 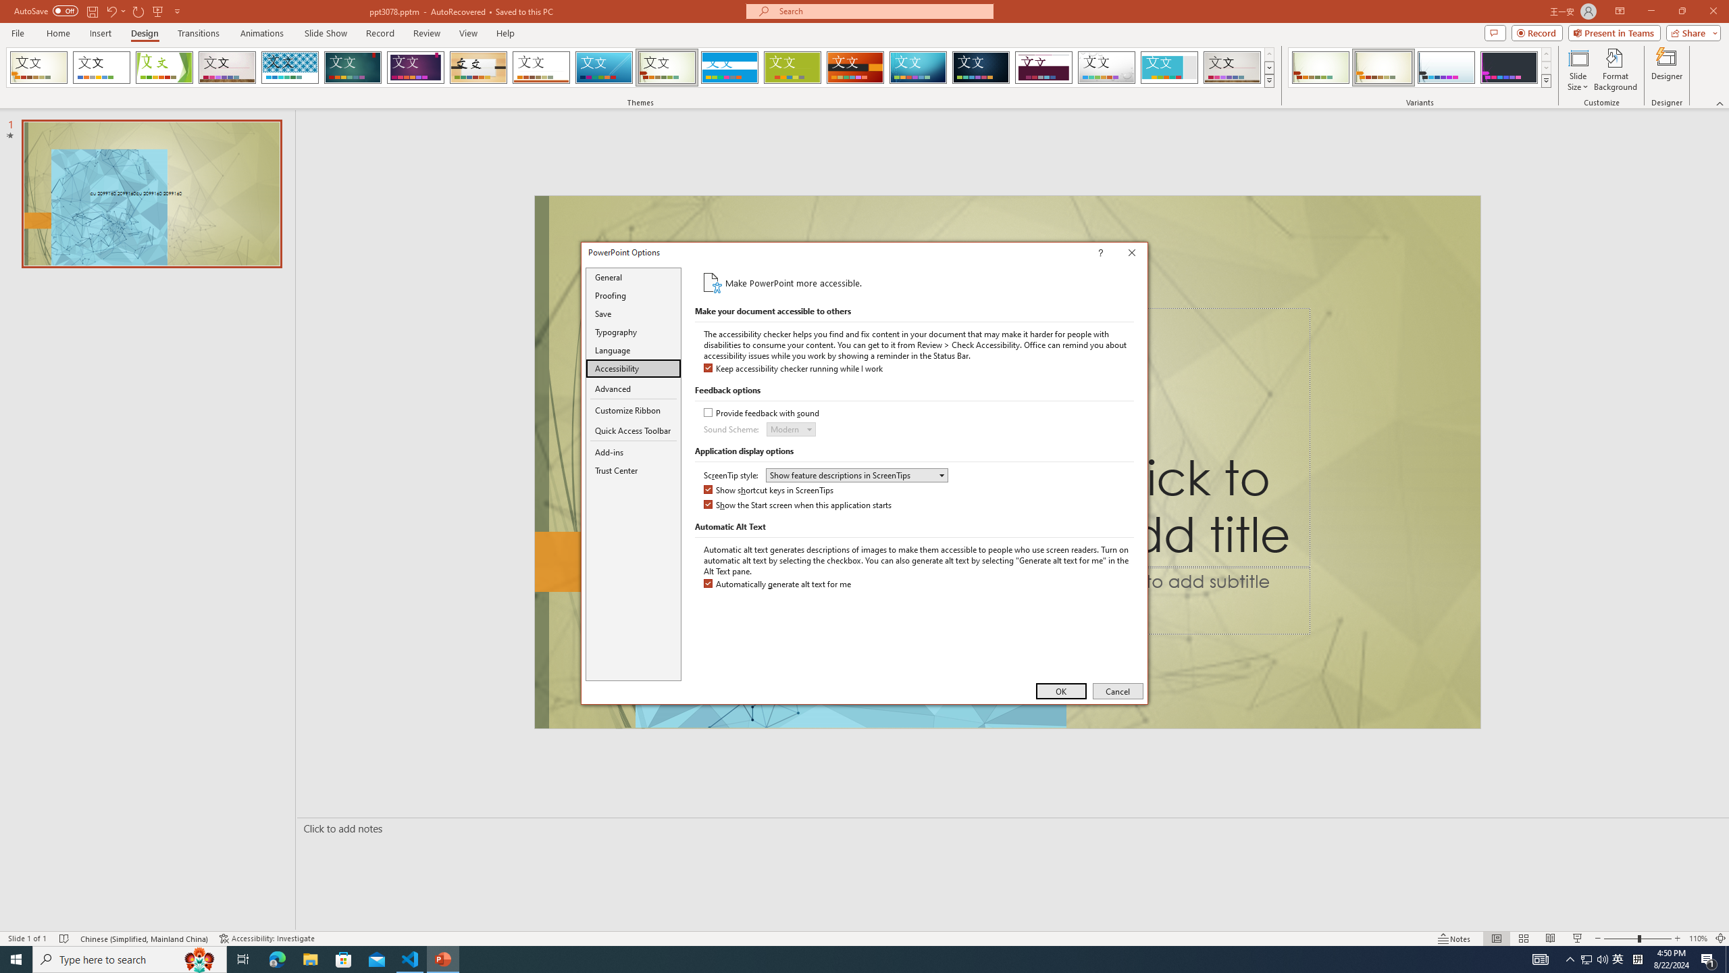 I want to click on 'Droplet Loading Preview...', so click(x=1106, y=67).